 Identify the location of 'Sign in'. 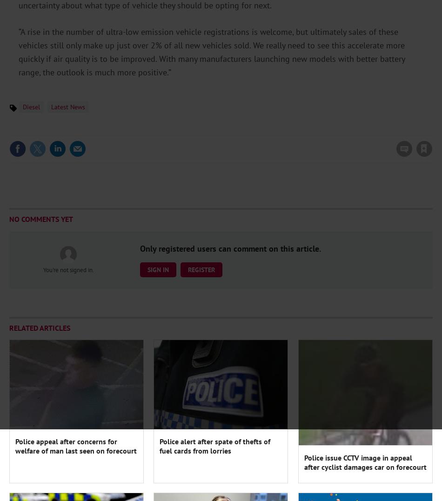
(302, 129).